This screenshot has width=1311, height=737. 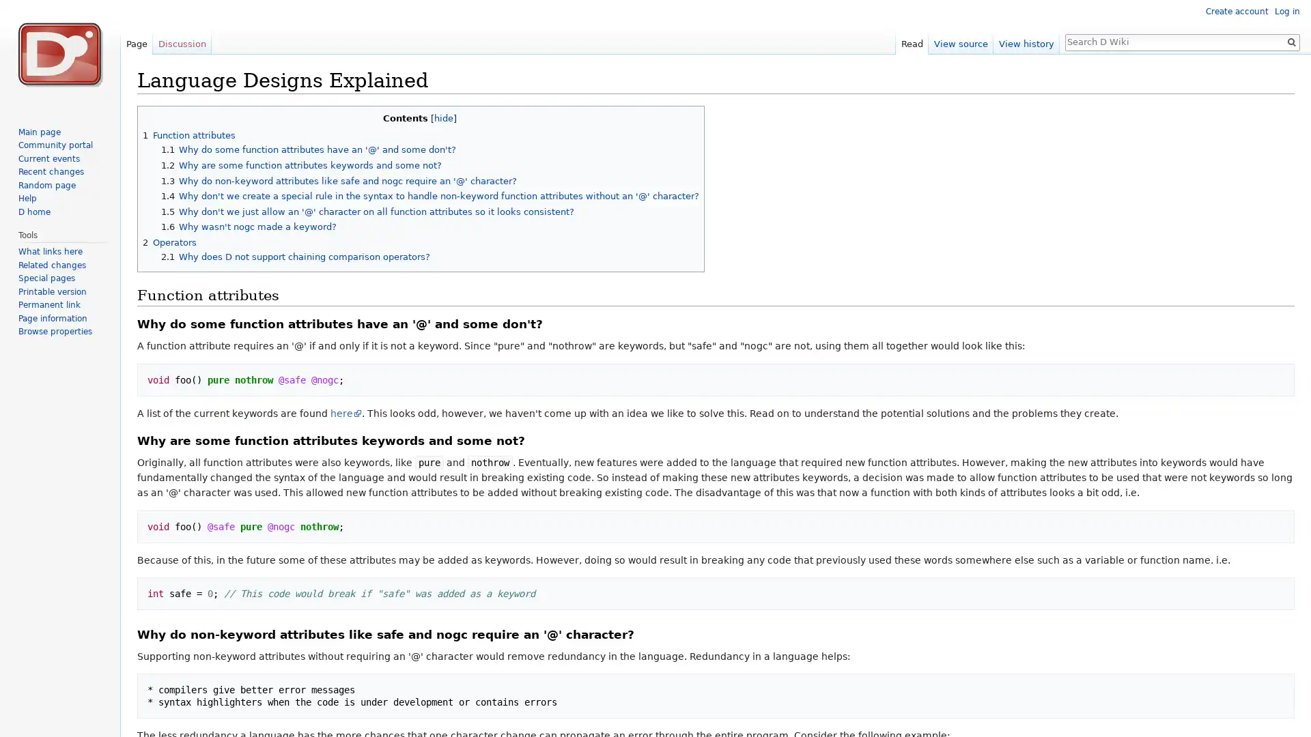 I want to click on Go, so click(x=1291, y=41).